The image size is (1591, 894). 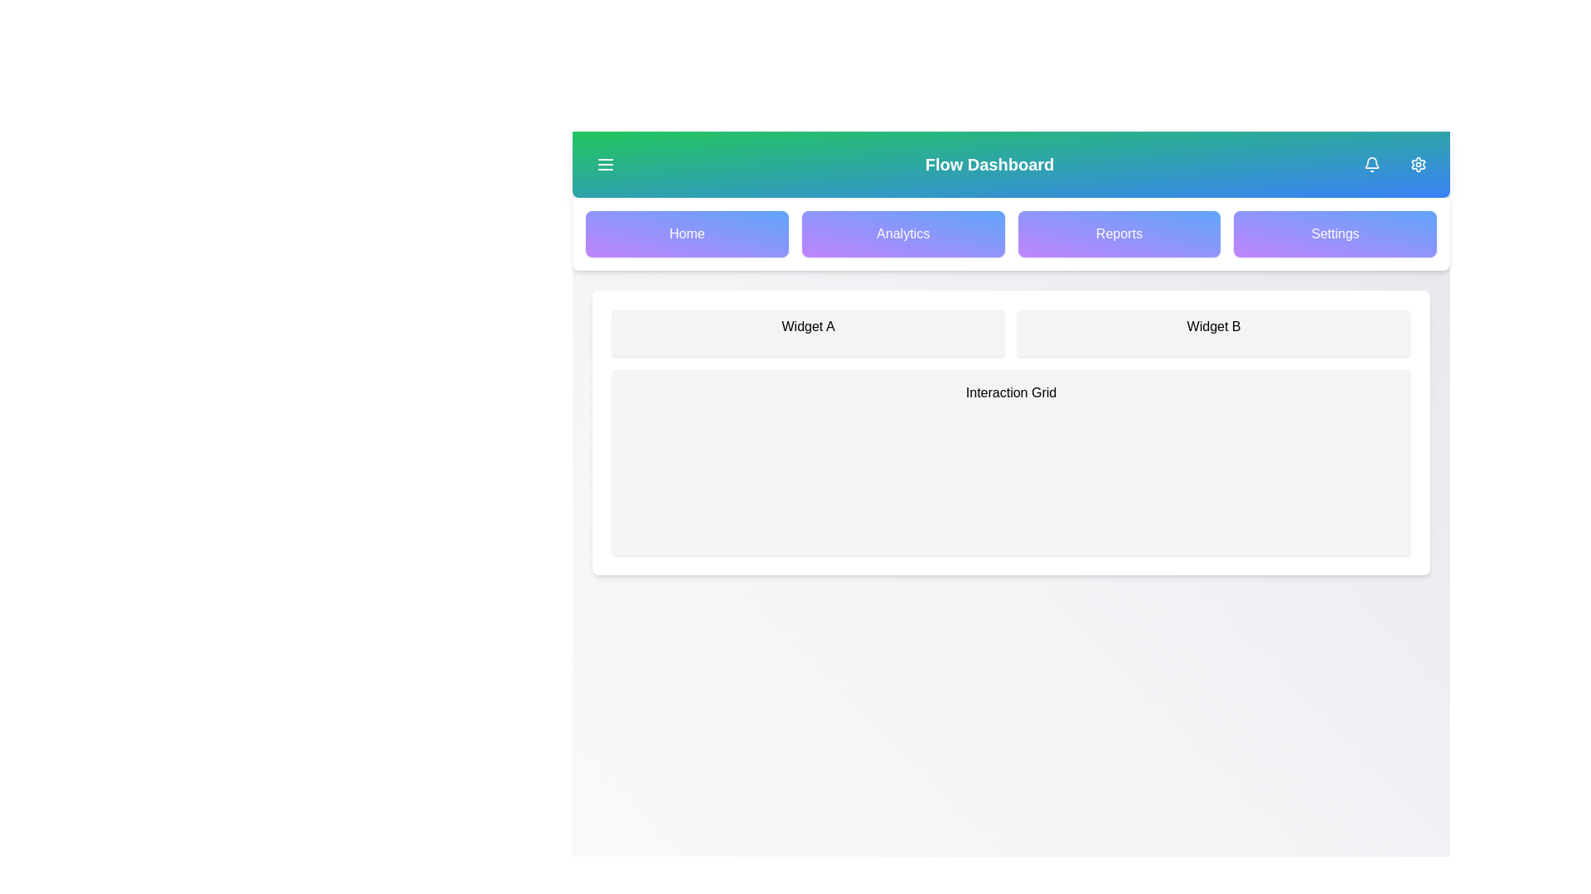 I want to click on the navigation button for Reports to navigate to the respective section, so click(x=1119, y=233).